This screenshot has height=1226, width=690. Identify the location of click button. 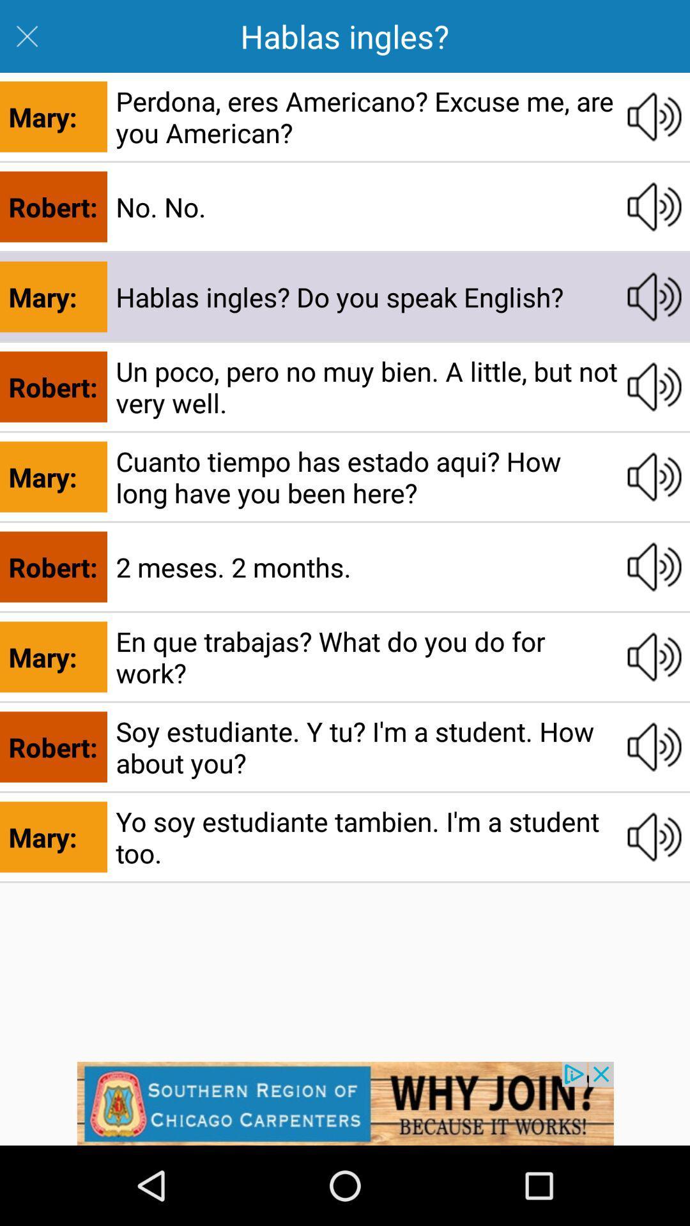
(654, 476).